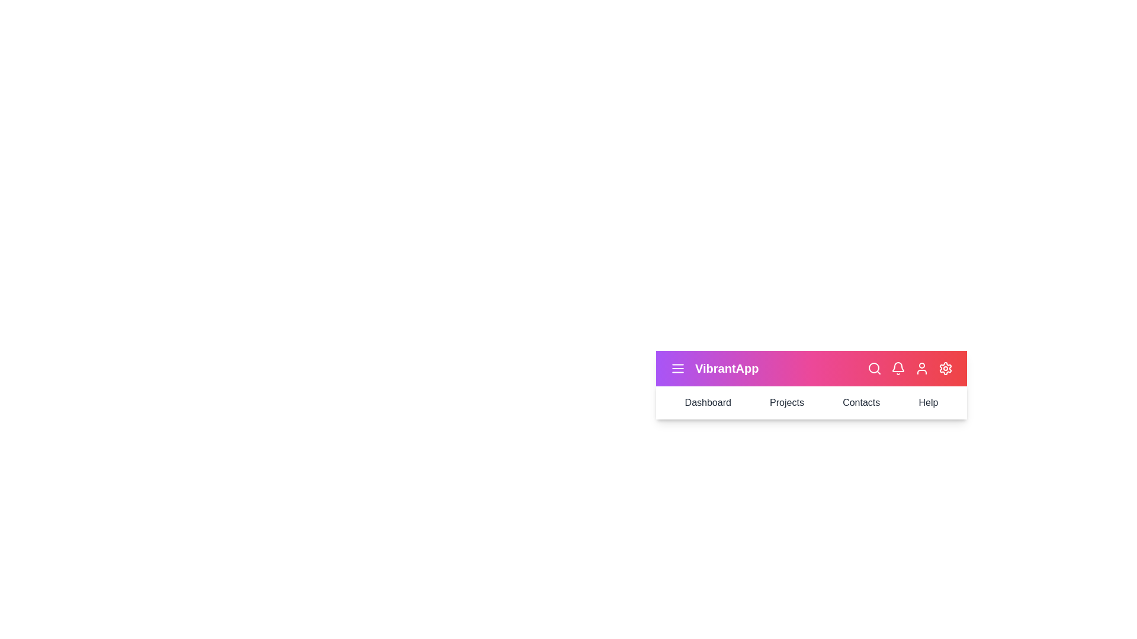  Describe the element at coordinates (945, 368) in the screenshot. I see `the settings_icon to reveal its effect` at that location.